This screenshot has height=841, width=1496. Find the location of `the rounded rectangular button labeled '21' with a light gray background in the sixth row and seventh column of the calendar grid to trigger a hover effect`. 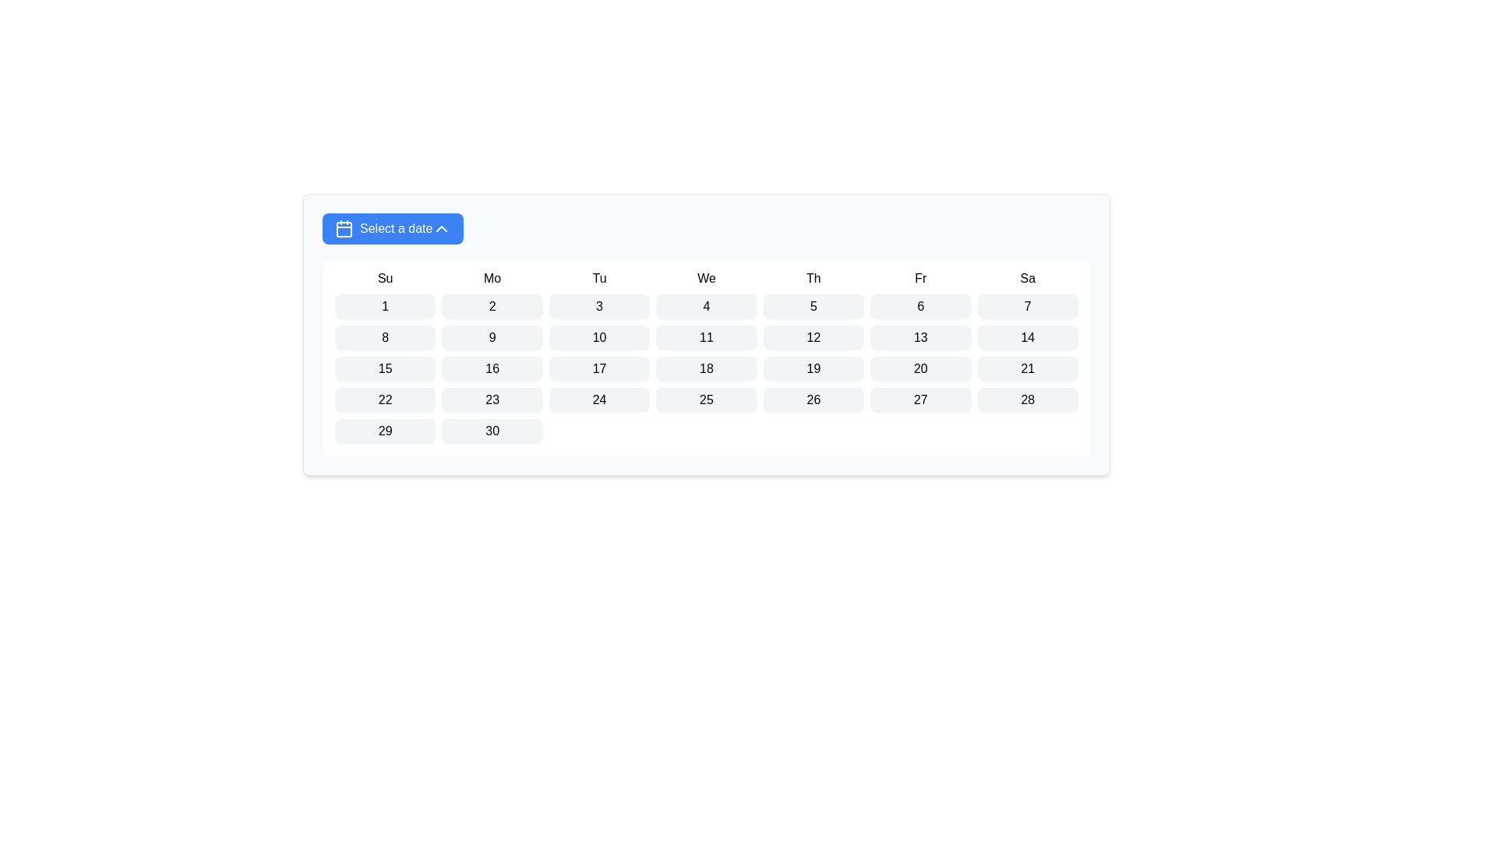

the rounded rectangular button labeled '21' with a light gray background in the sixth row and seventh column of the calendar grid to trigger a hover effect is located at coordinates (1028, 369).